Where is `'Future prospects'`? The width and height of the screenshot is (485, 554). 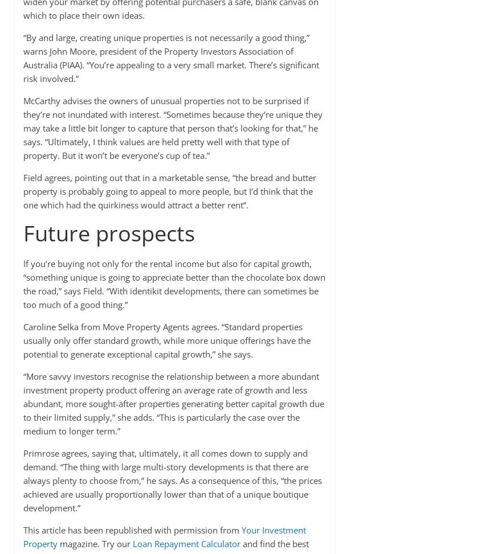
'Future prospects' is located at coordinates (108, 232).